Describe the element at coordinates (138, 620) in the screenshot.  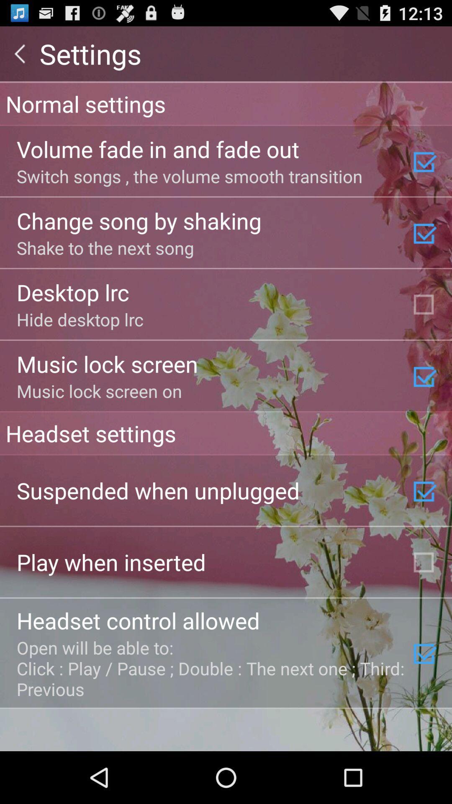
I see `headset control allowed` at that location.